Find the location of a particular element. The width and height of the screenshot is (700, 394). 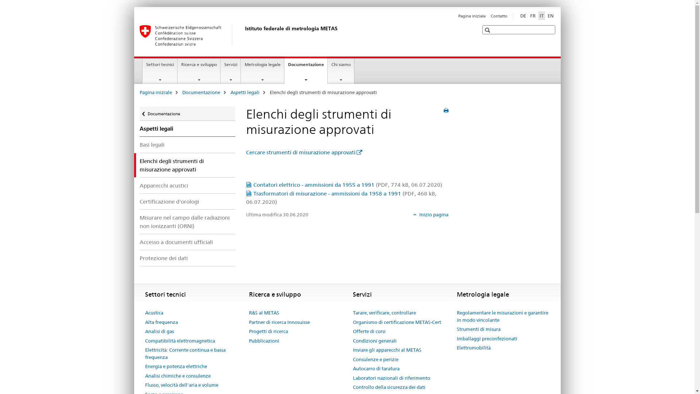

'DE' is located at coordinates (518, 15).